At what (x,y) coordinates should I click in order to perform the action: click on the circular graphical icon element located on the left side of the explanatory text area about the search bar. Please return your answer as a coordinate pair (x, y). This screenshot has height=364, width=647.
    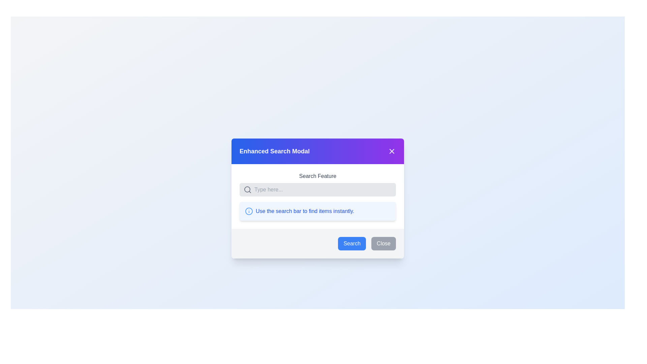
    Looking at the image, I should click on (249, 211).